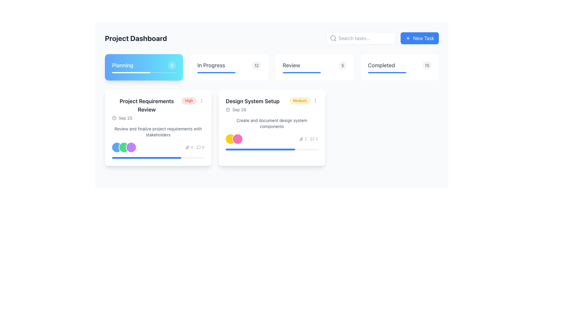 The width and height of the screenshot is (574, 323). Describe the element at coordinates (361, 38) in the screenshot. I see `the search input field located at the top-right corner of the interface, which has a magnifying glass icon and a placeholder text 'Search tasks...'` at that location.